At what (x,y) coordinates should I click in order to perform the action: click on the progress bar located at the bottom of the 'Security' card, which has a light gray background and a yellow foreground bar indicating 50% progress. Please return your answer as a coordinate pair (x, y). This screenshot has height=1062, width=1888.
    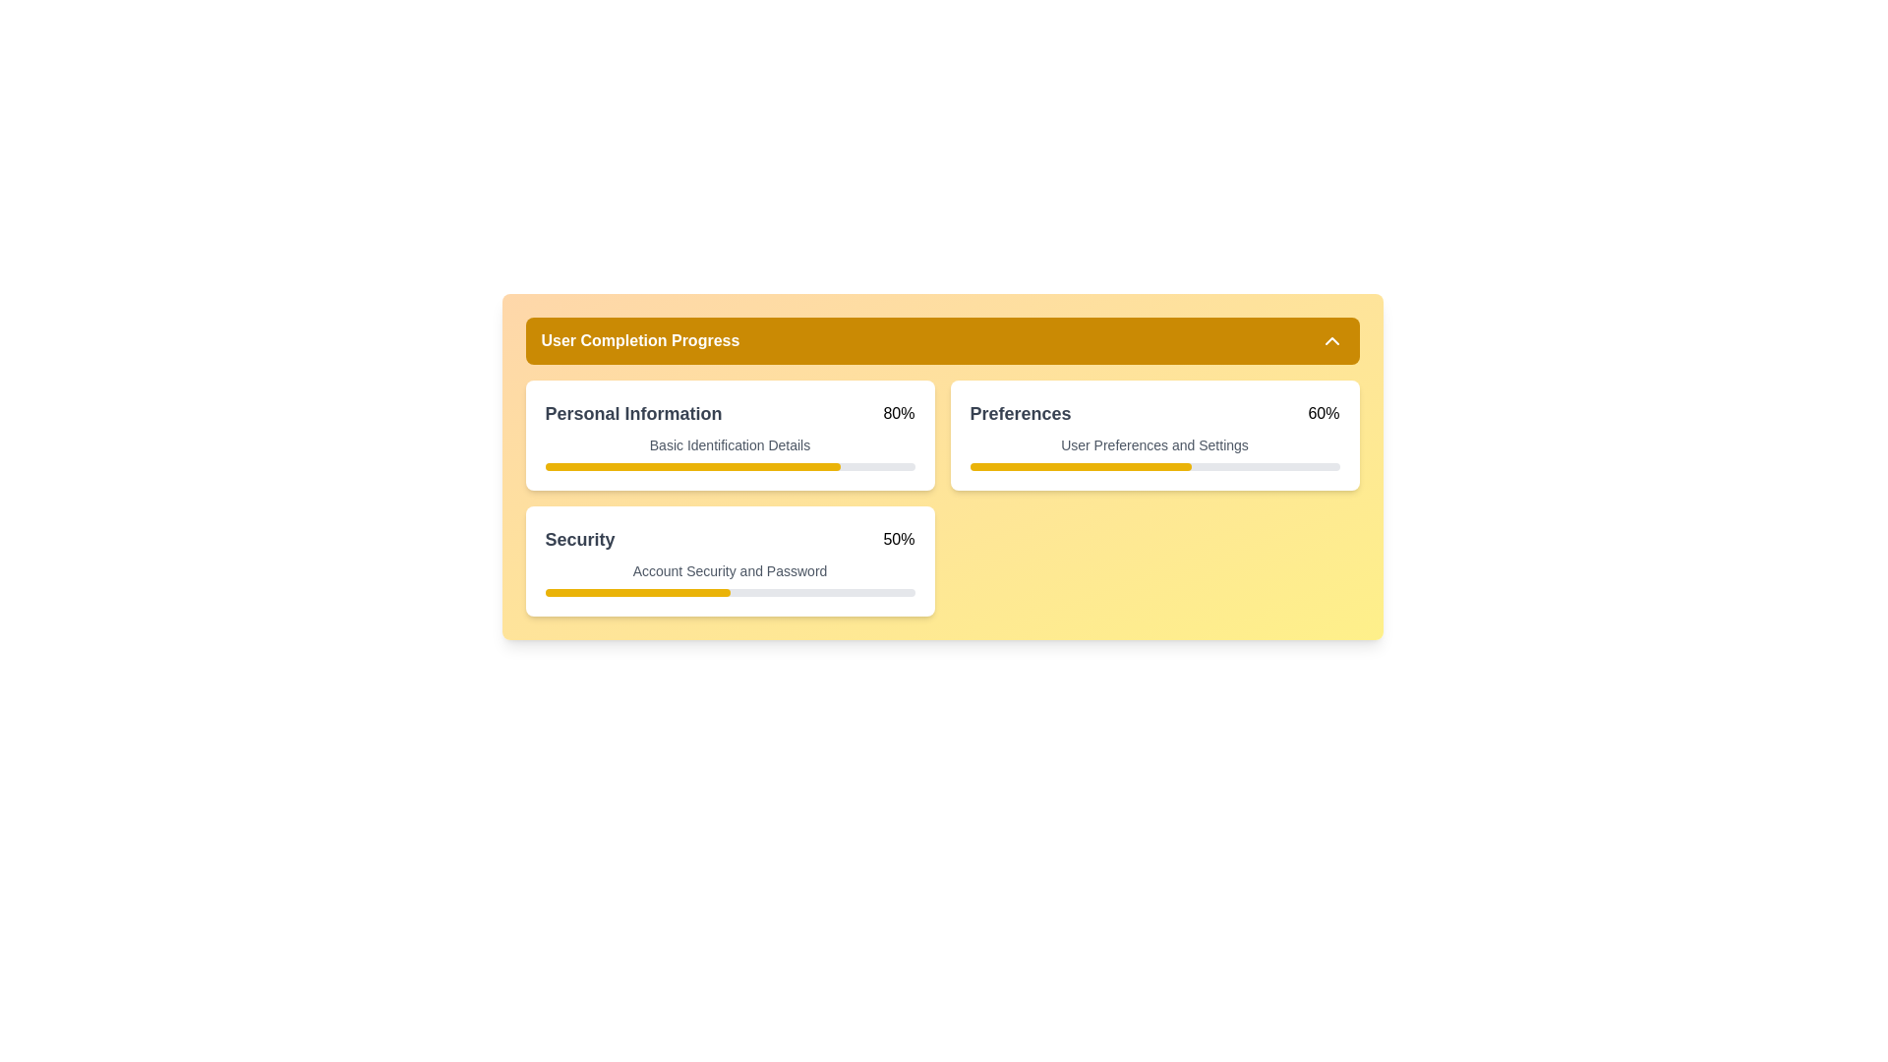
    Looking at the image, I should click on (729, 591).